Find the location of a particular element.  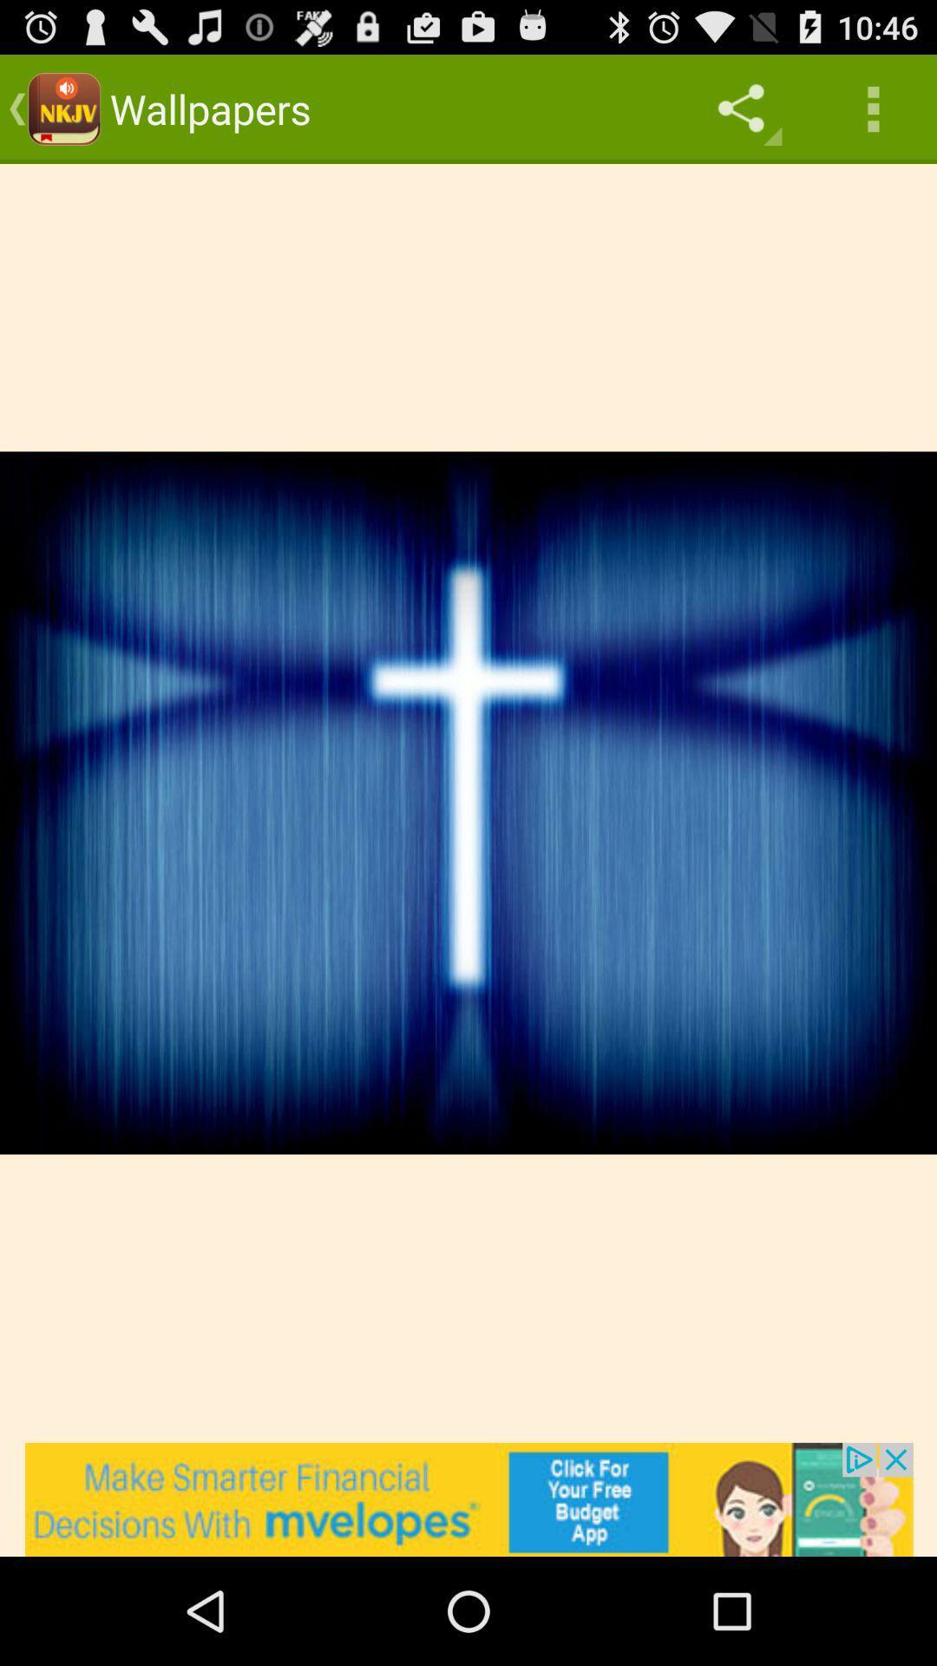

open advertisement is located at coordinates (468, 1499).